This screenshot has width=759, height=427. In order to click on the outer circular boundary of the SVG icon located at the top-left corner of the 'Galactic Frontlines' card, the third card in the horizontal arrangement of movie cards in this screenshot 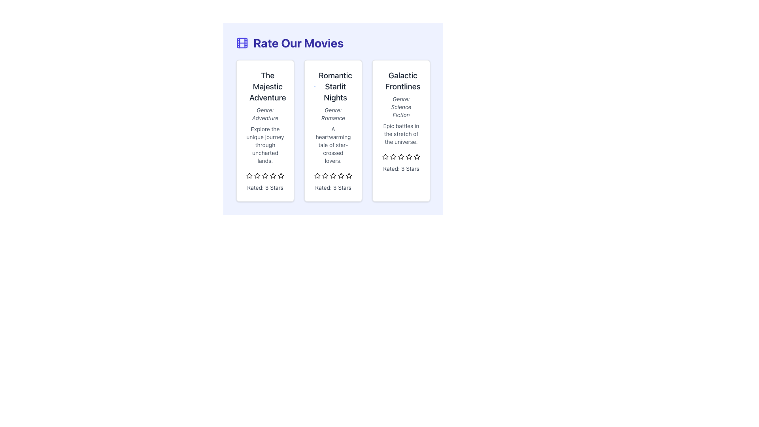, I will do `click(387, 82)`.